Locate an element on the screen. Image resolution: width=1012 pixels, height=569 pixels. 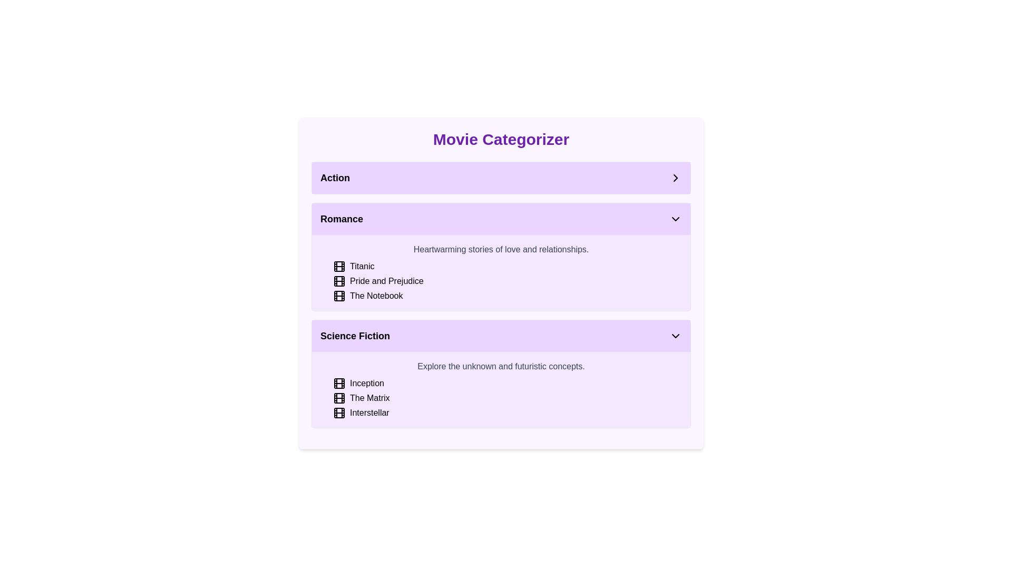
the right-pointing chevron icon button with a black outline located in the top right corner of the 'Action' section header is located at coordinates (675, 178).